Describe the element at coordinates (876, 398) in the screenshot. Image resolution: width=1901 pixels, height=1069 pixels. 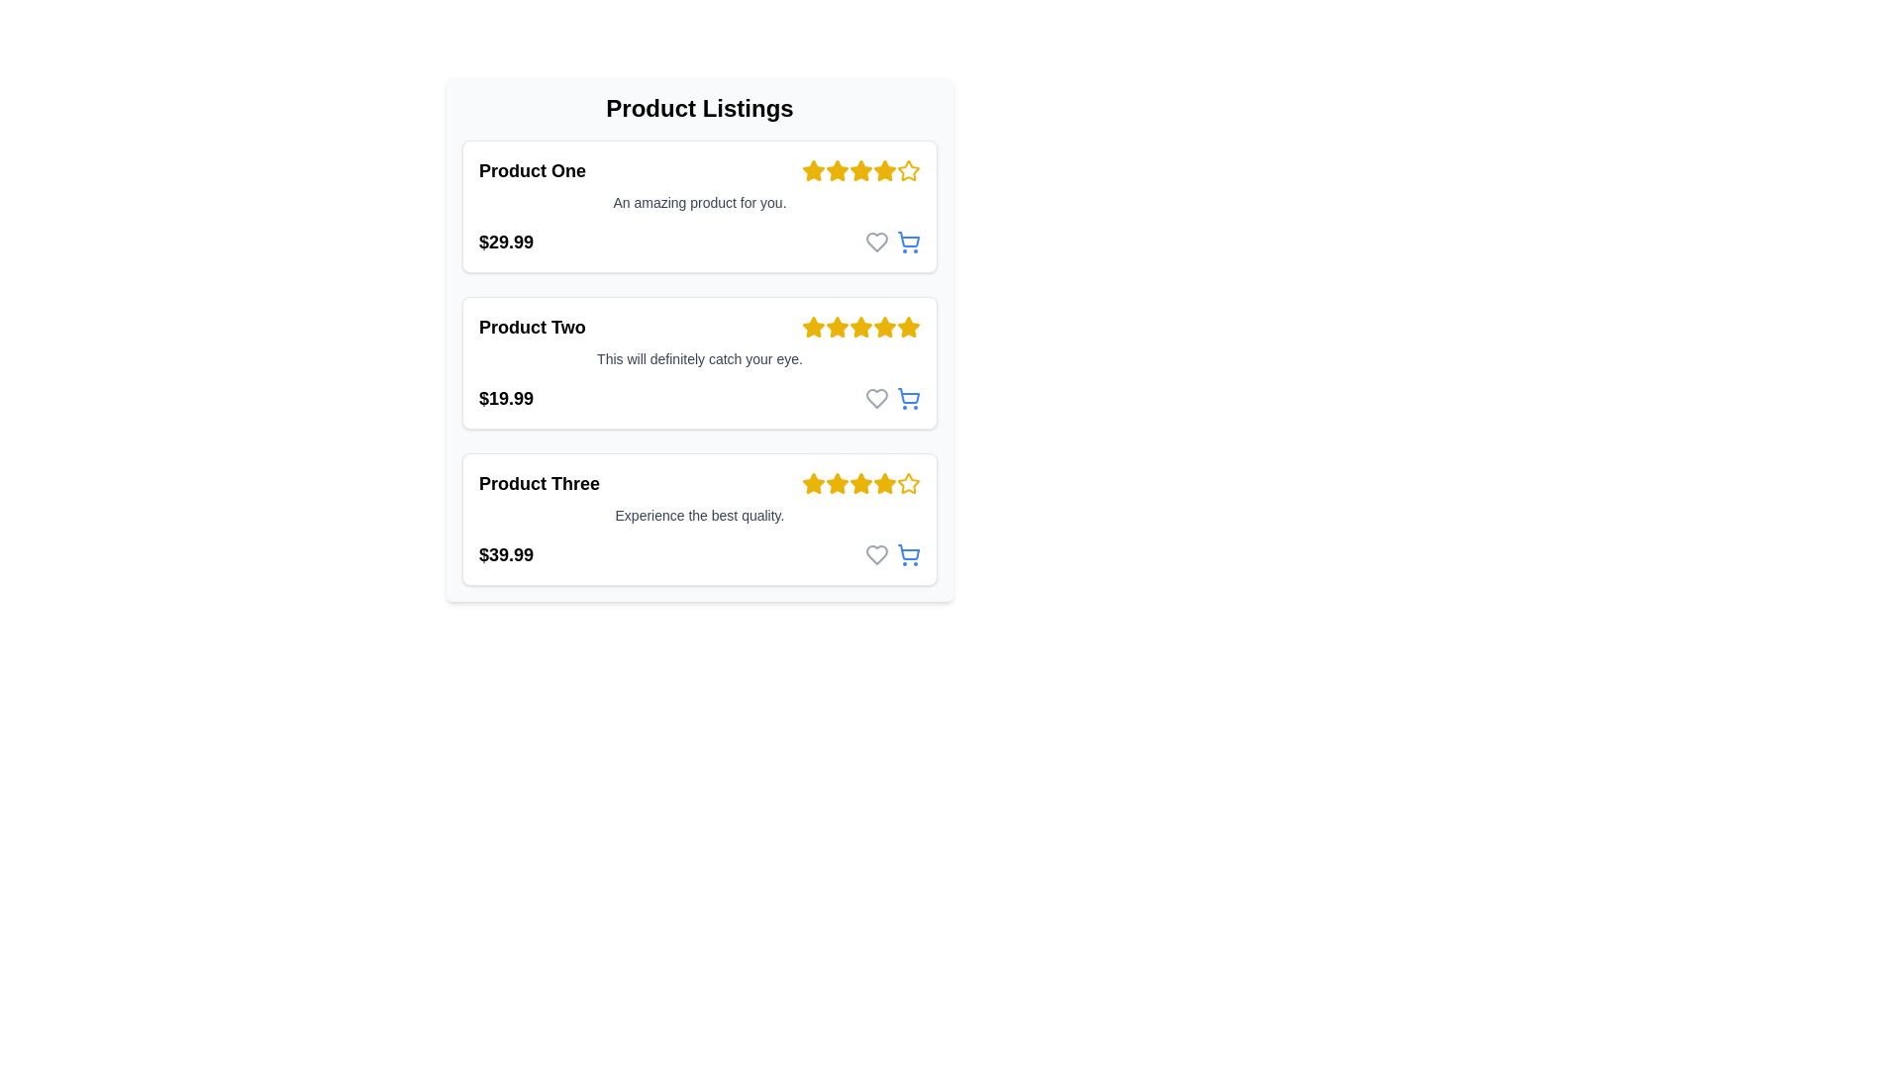
I see `the heart-shaped icon button located to the right side near the center of the second product entry in the list to trigger a tooltip or animation` at that location.